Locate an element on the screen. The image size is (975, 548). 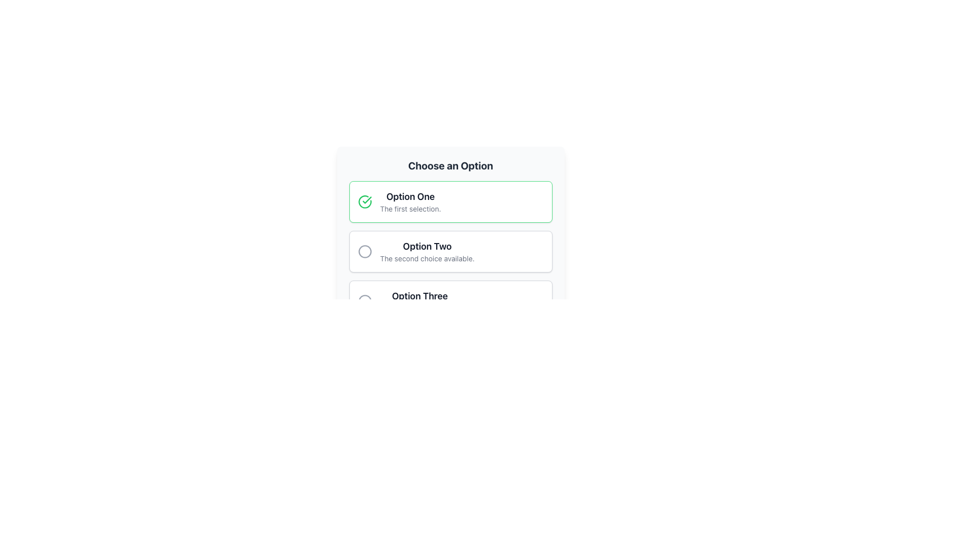
the 'Option Two' button is located at coordinates (450, 251).